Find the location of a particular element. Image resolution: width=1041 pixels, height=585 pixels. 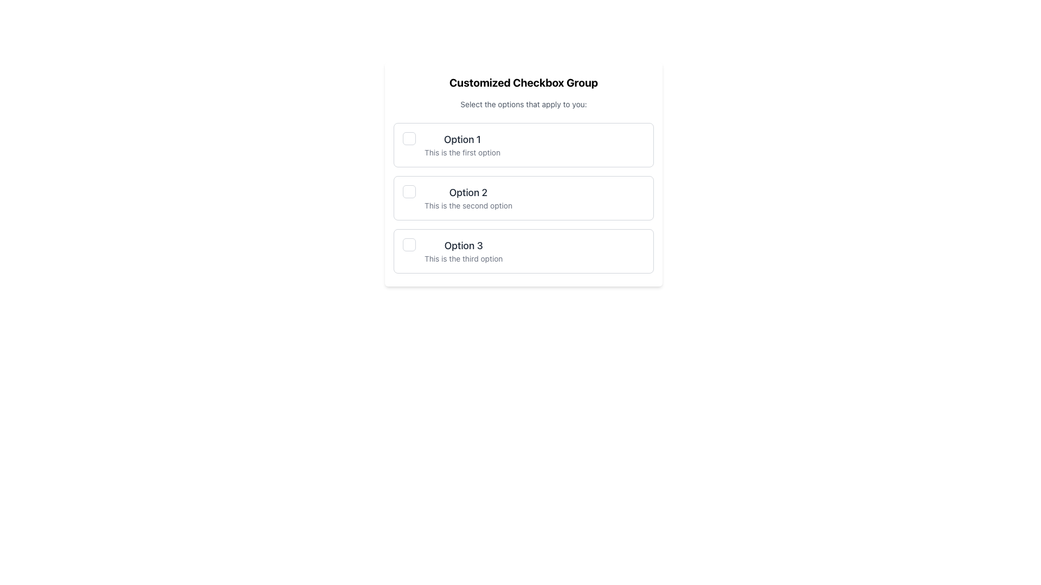

the text label that says 'Select the options that apply to you:', which is located below the title 'Customized Checkbox Group' is located at coordinates (523, 104).